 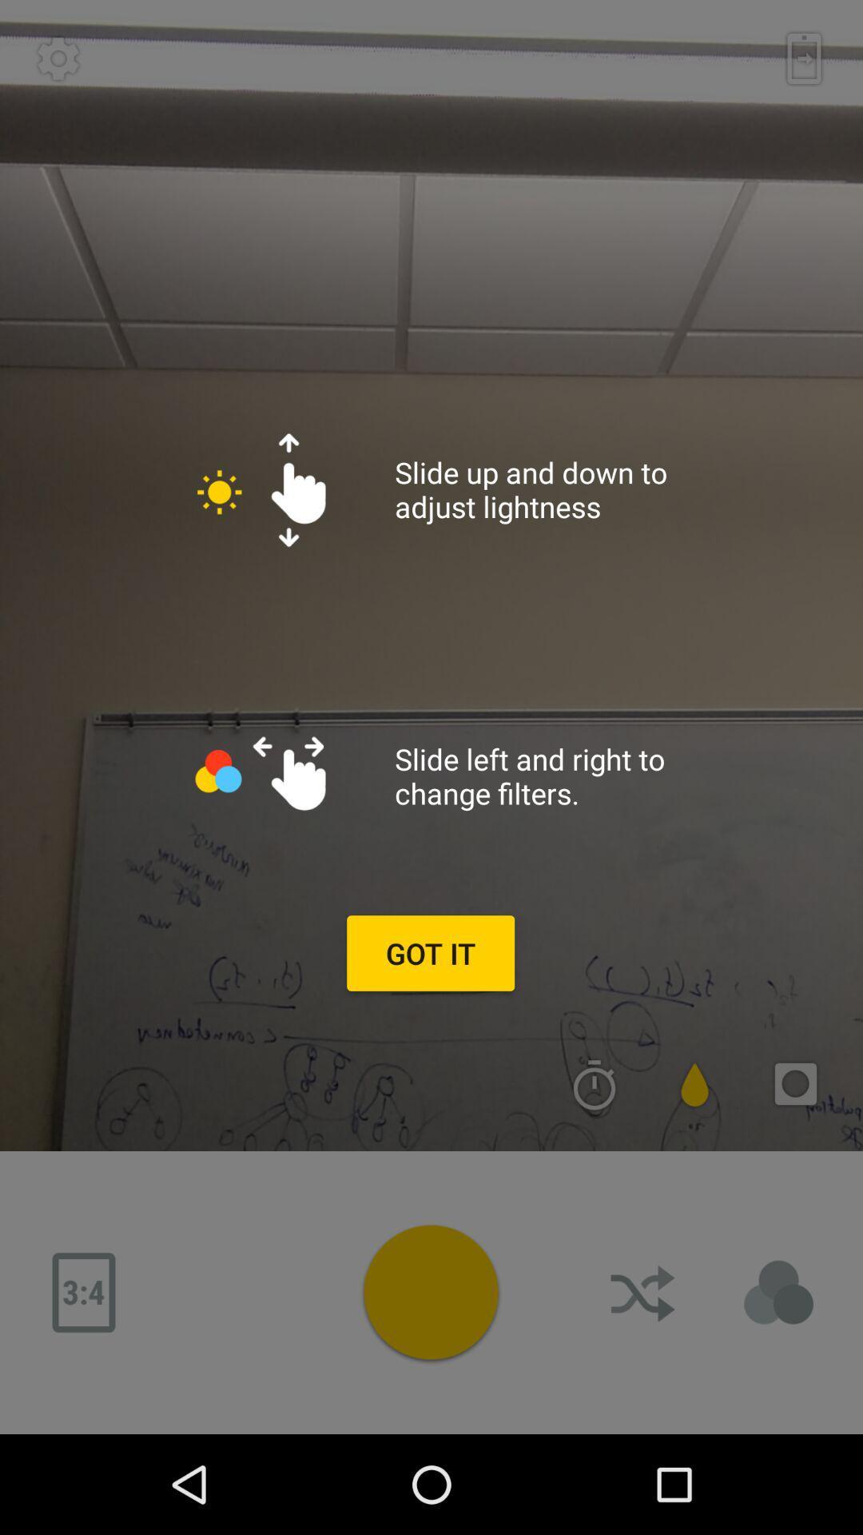 I want to click on change filters, so click(x=778, y=1293).